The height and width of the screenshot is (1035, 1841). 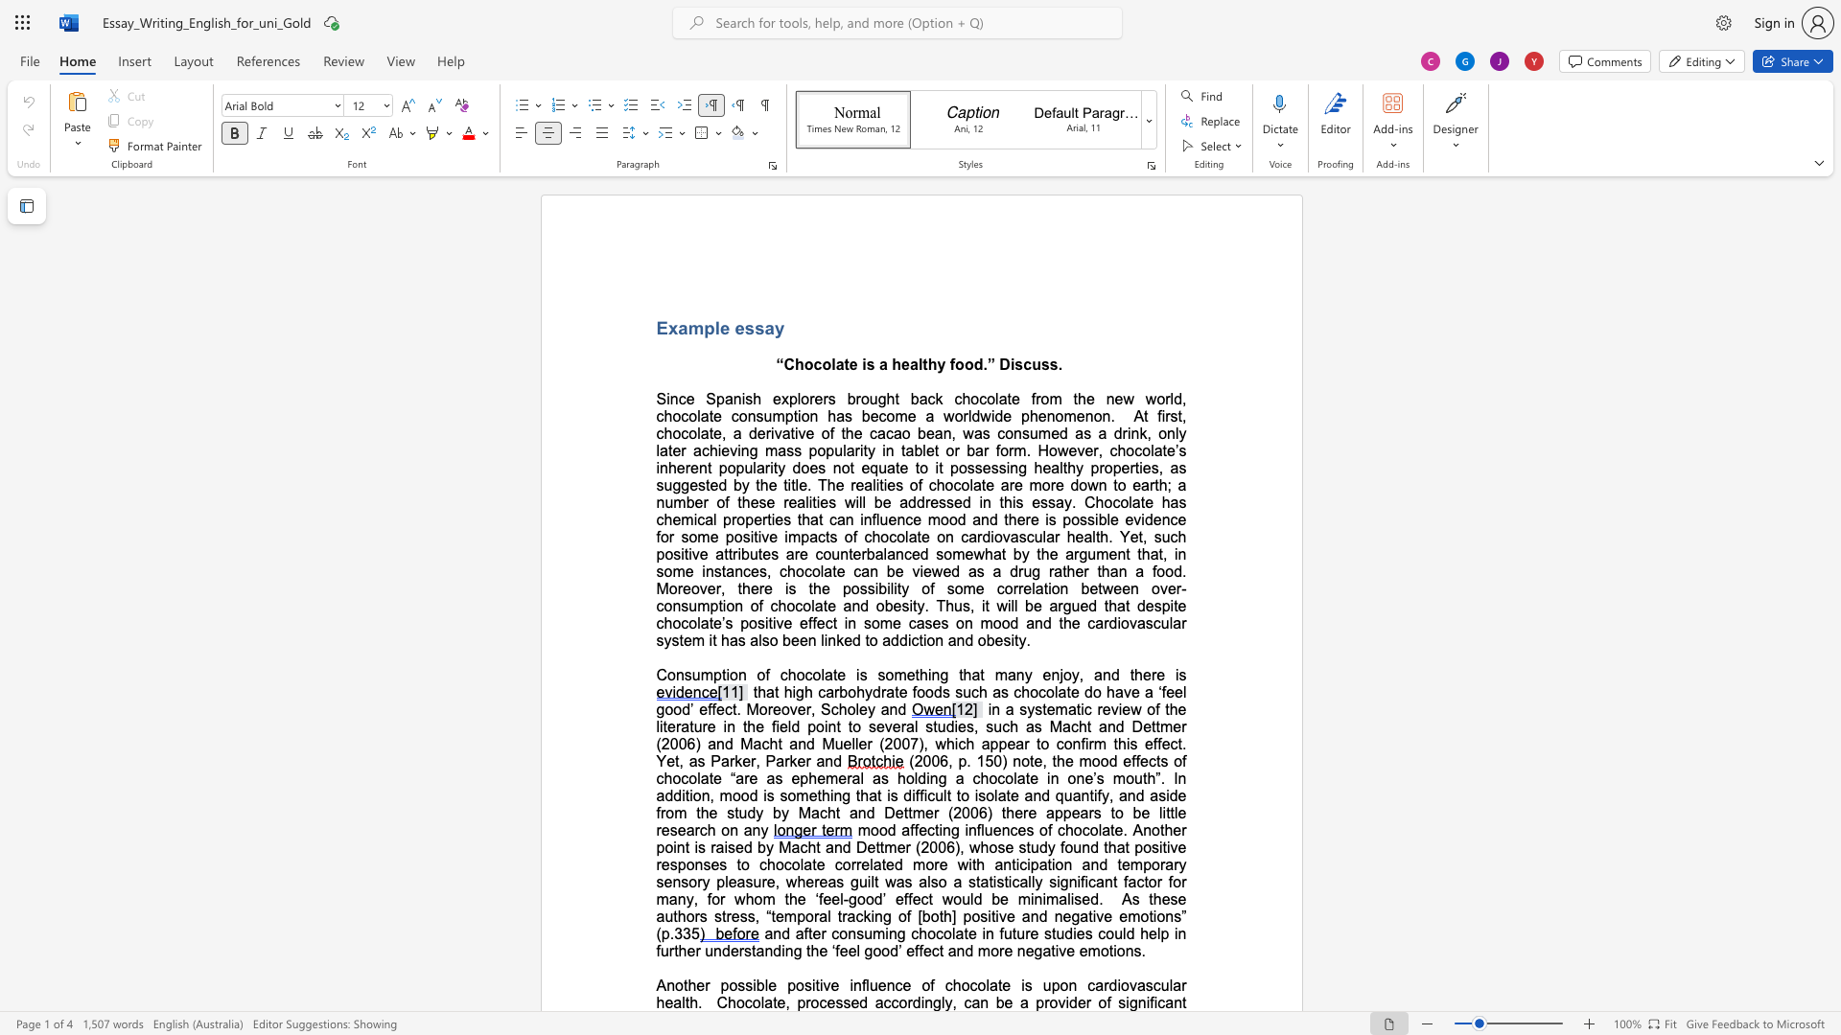 I want to click on the 6th character "r" in the text, so click(x=863, y=554).